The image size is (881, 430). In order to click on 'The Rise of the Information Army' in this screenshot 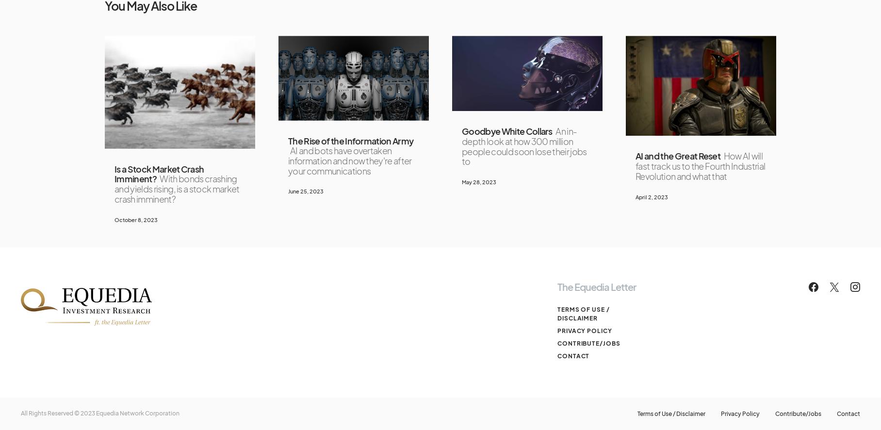, I will do `click(350, 140)`.